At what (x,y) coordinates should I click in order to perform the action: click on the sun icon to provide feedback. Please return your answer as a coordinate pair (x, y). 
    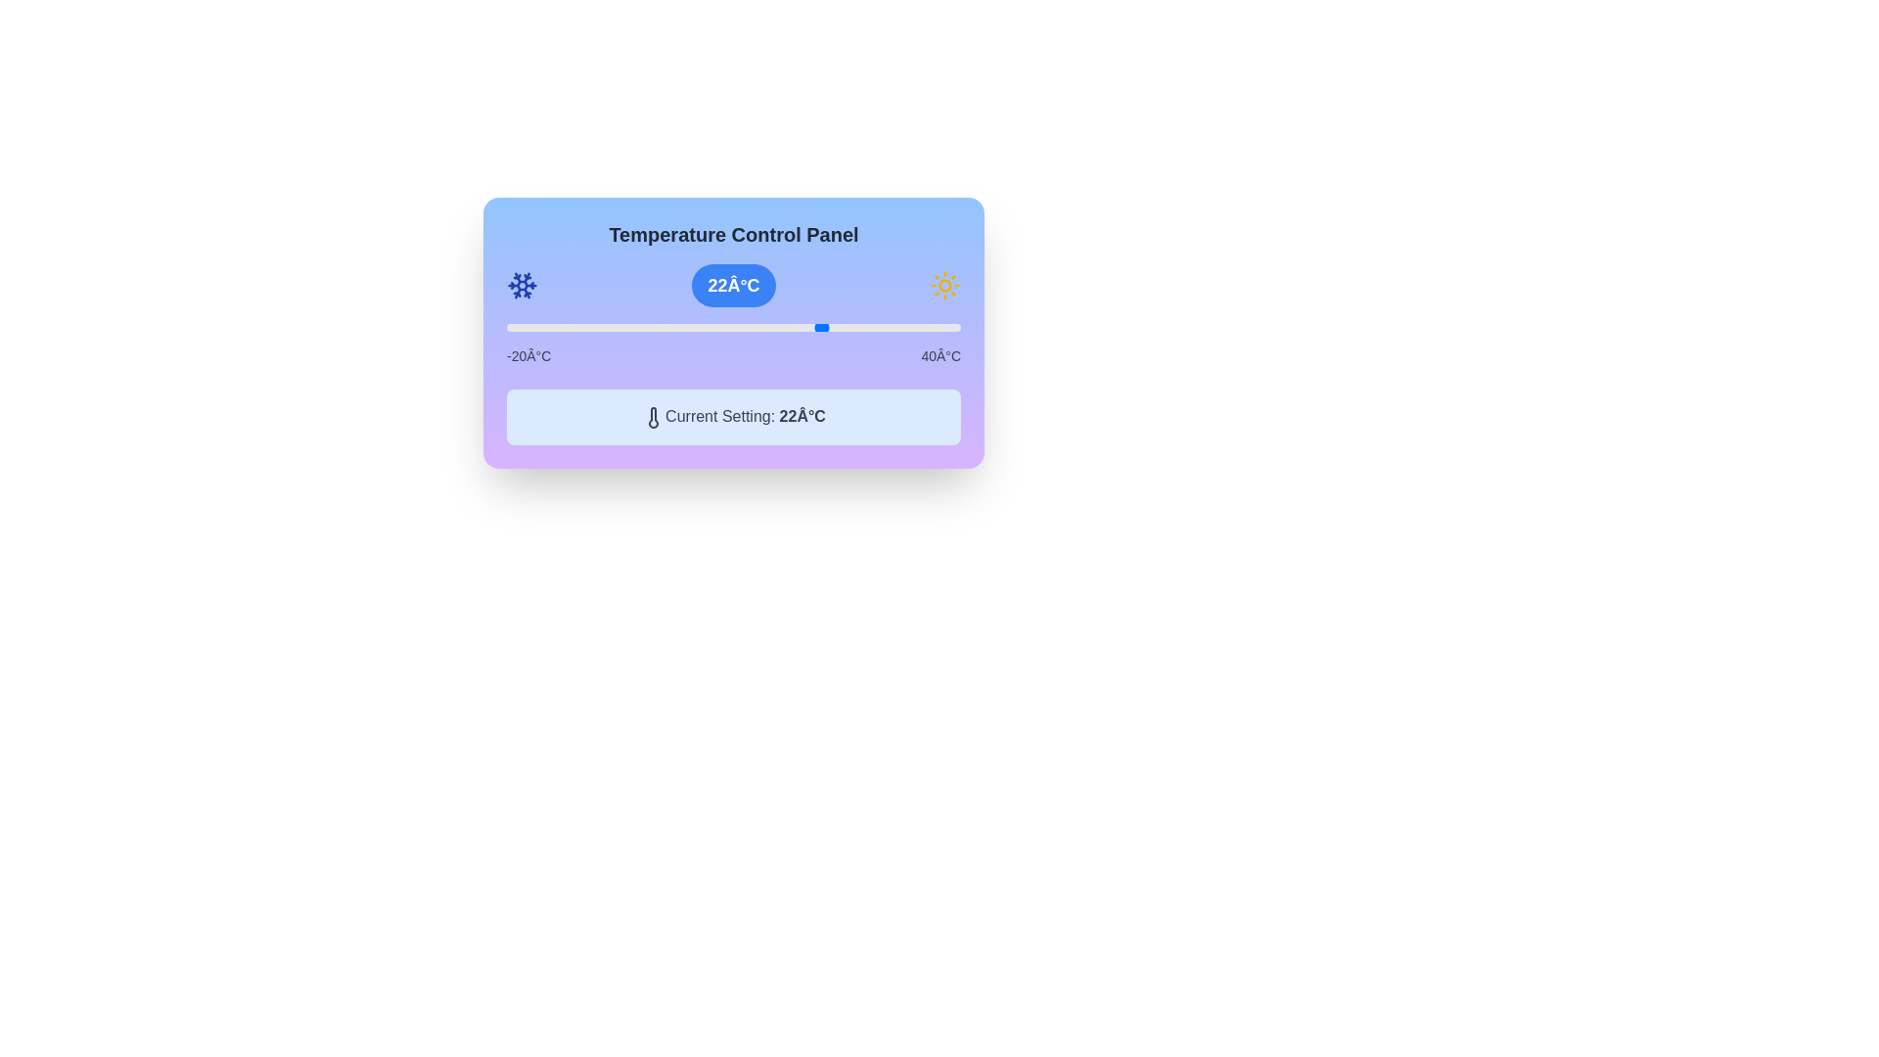
    Looking at the image, I should click on (943, 286).